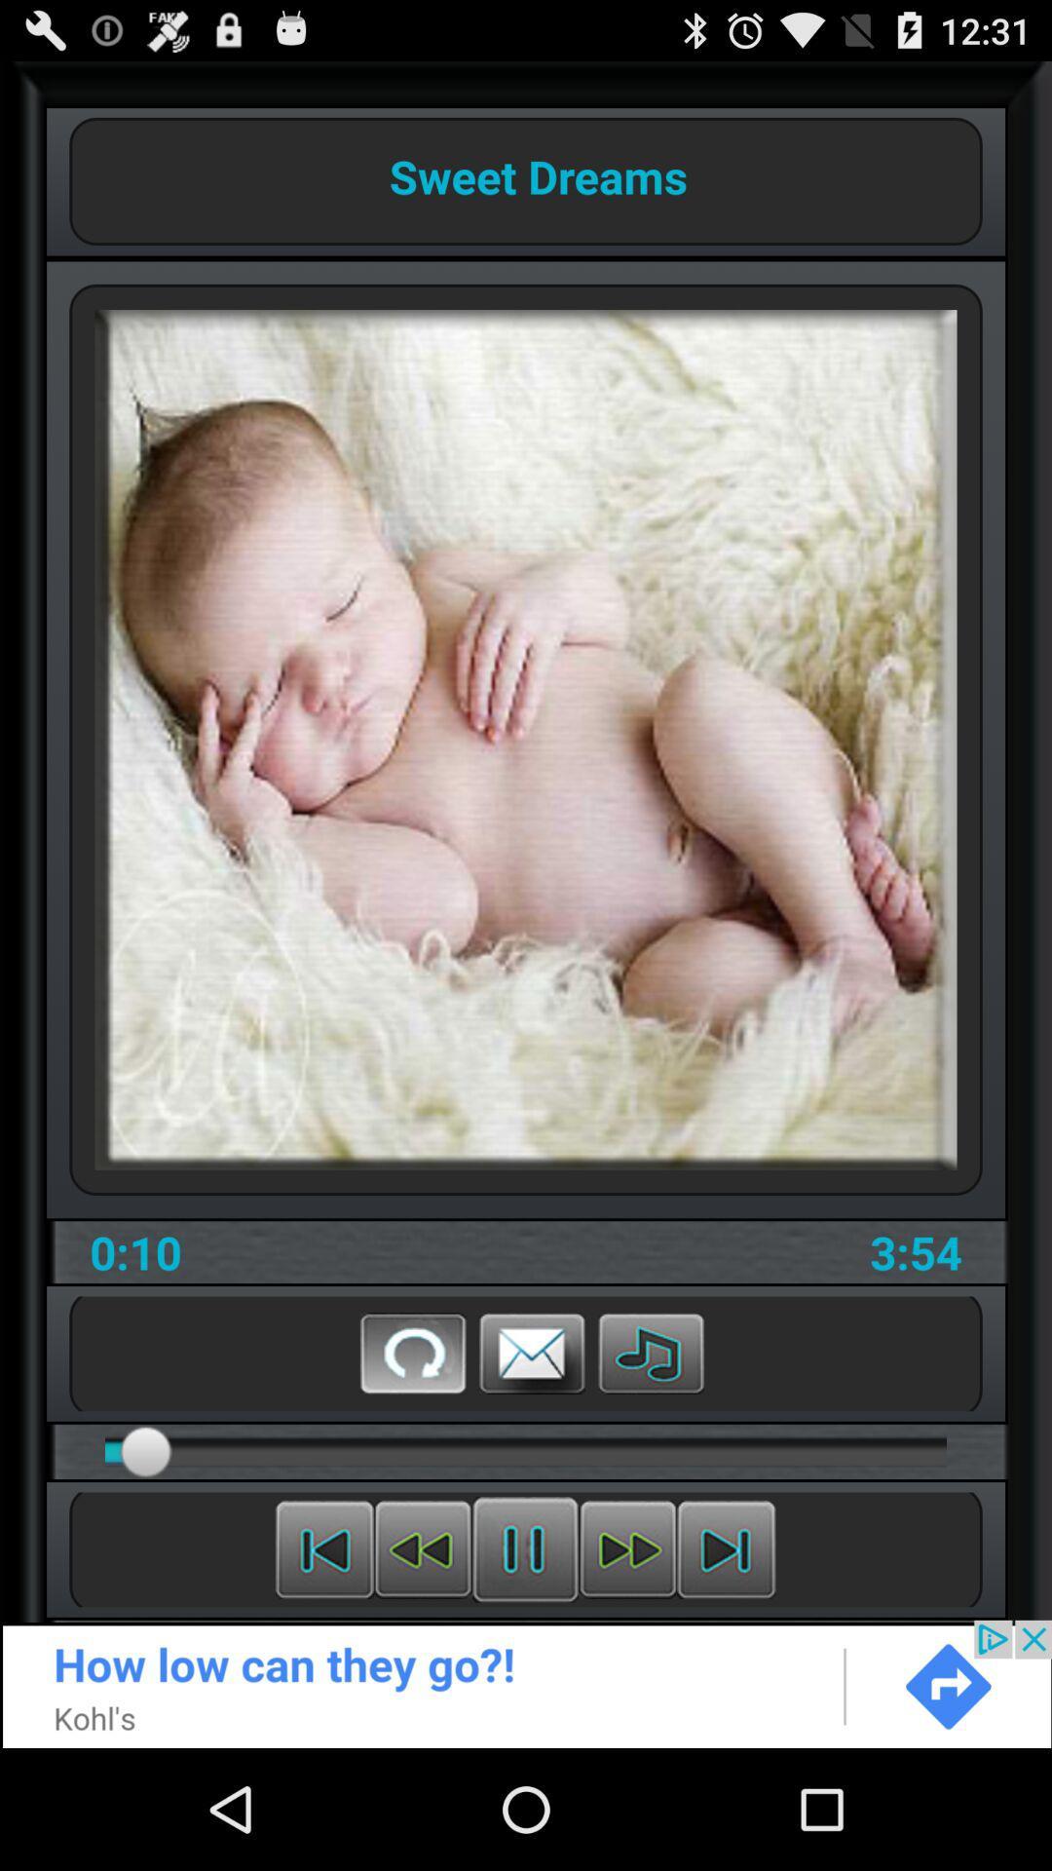 This screenshot has width=1052, height=1871. What do you see at coordinates (412, 1352) in the screenshot?
I see `replay button` at bounding box center [412, 1352].